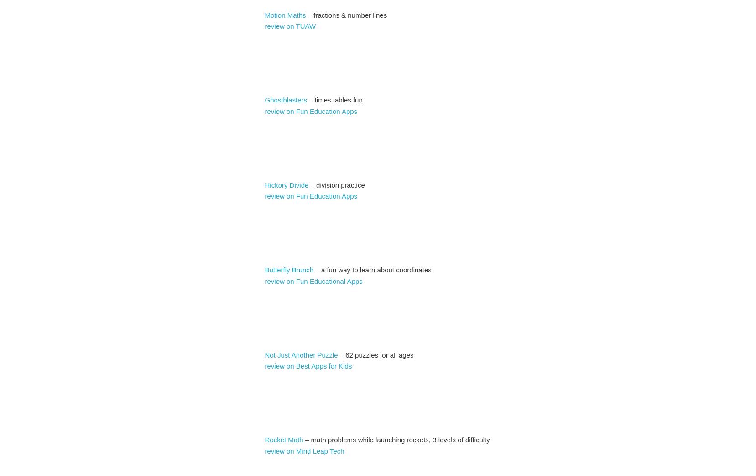  What do you see at coordinates (336, 184) in the screenshot?
I see `'– division practice'` at bounding box center [336, 184].